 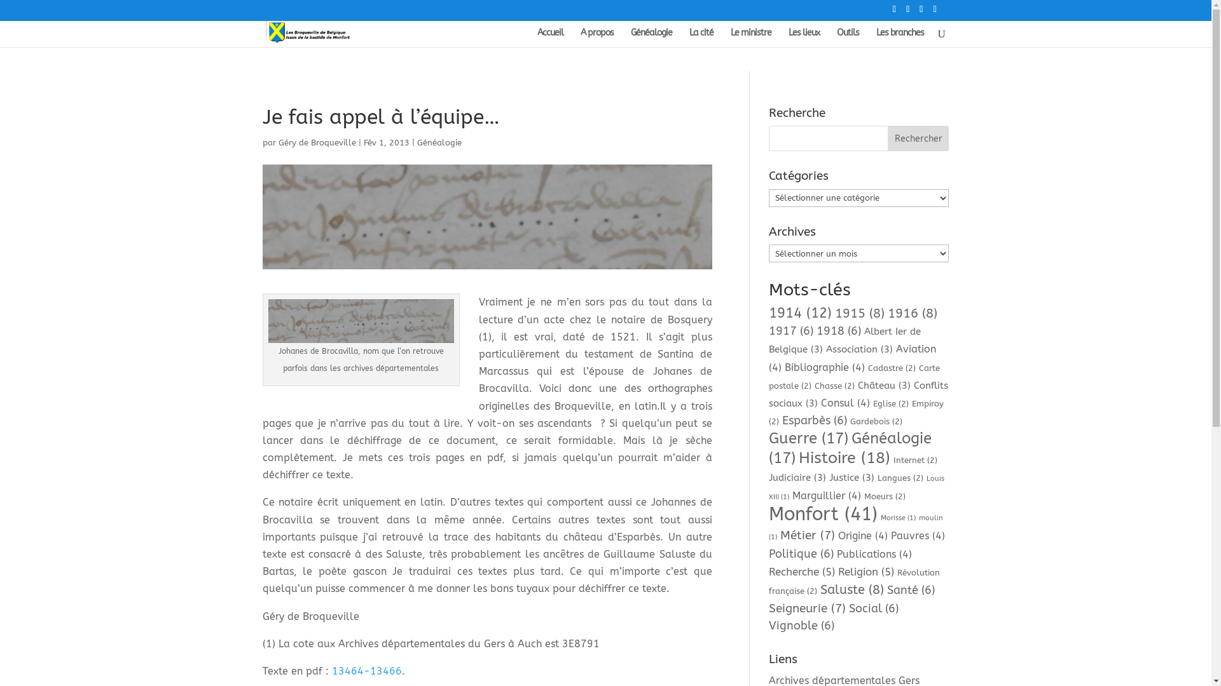 What do you see at coordinates (890, 535) in the screenshot?
I see `'Pauvres (4)'` at bounding box center [890, 535].